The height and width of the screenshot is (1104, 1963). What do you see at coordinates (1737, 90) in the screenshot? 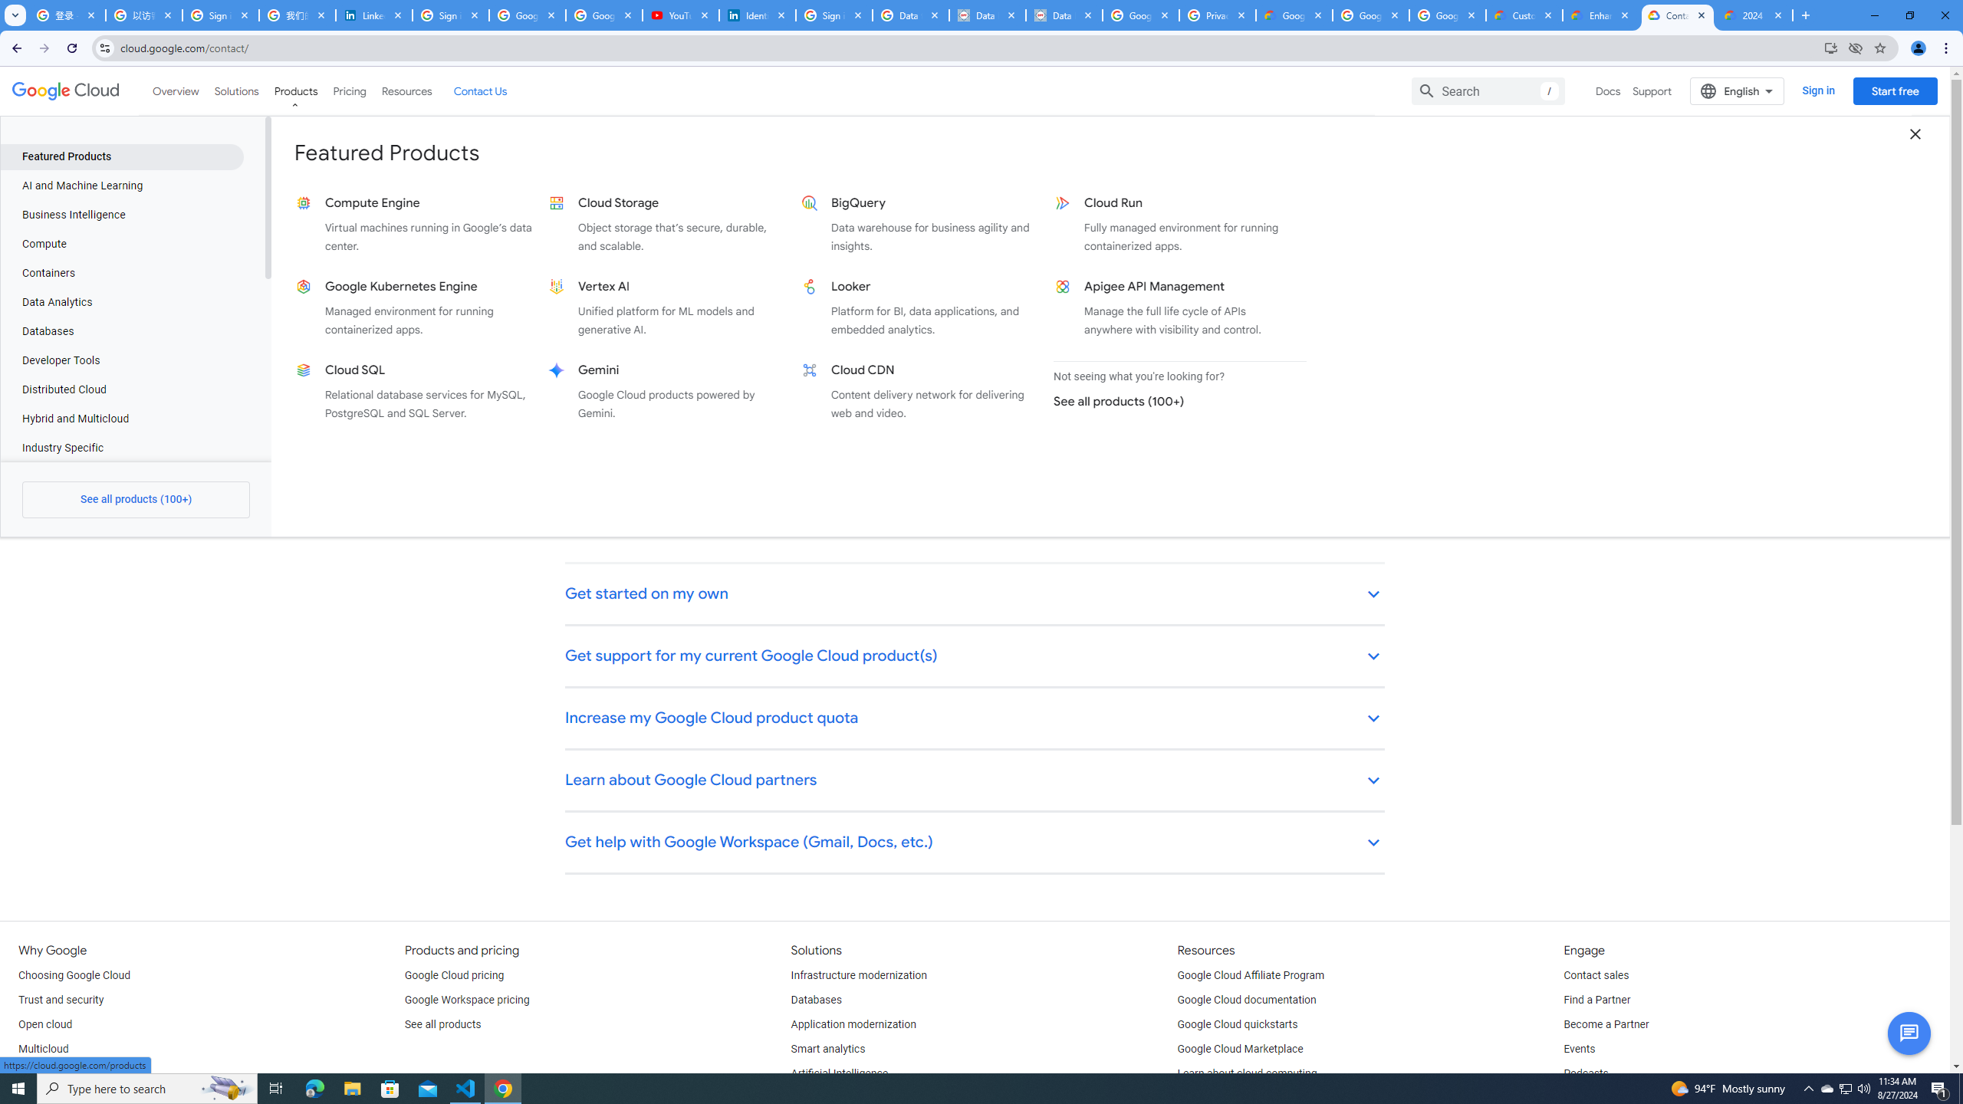
I see `'English'` at bounding box center [1737, 90].